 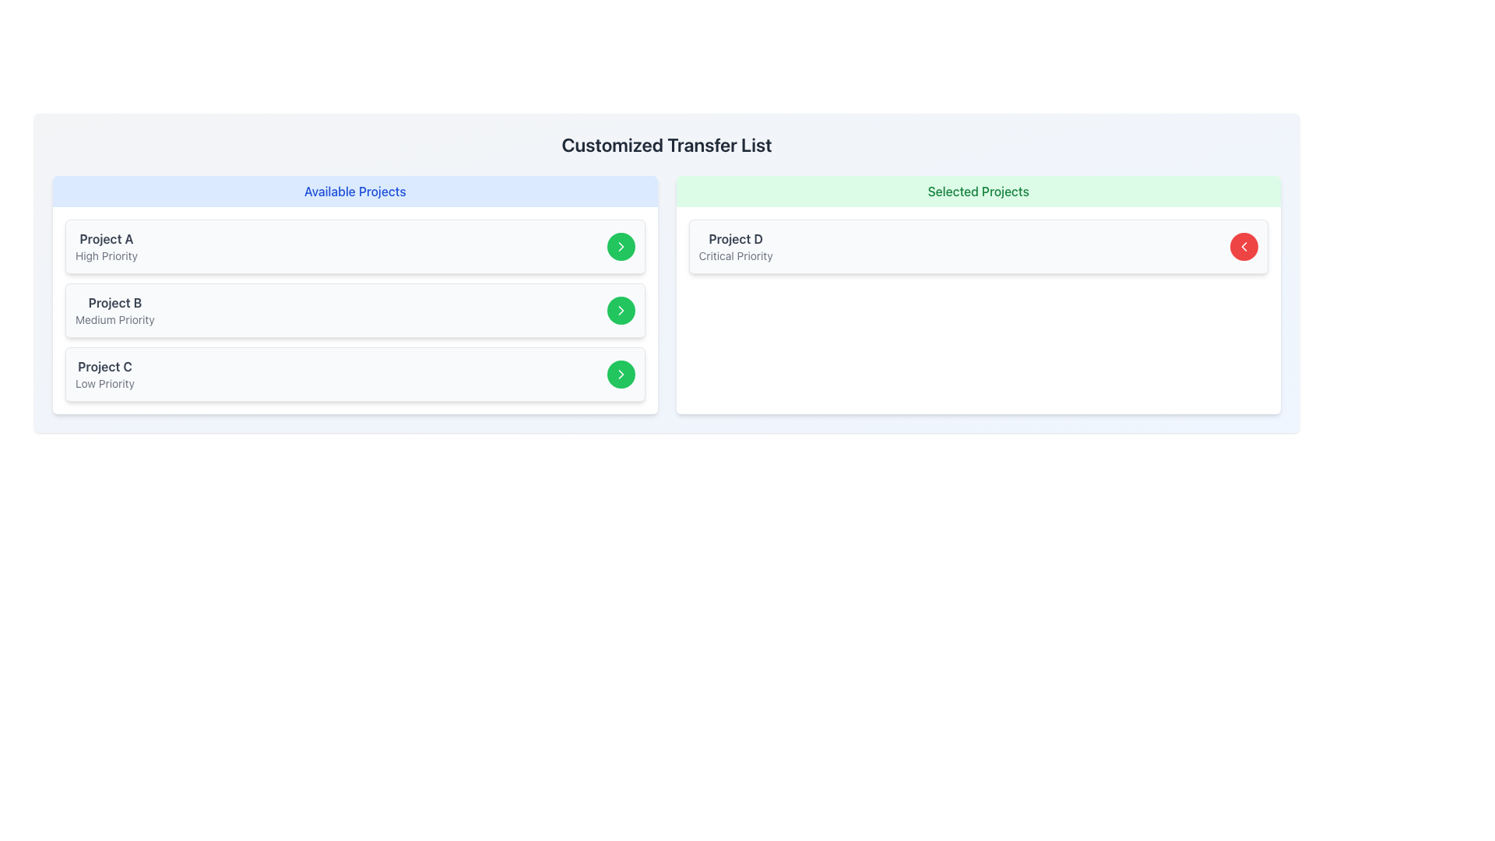 What do you see at coordinates (104, 366) in the screenshot?
I see `the project title label in the third position of the 'Available Projects' column` at bounding box center [104, 366].